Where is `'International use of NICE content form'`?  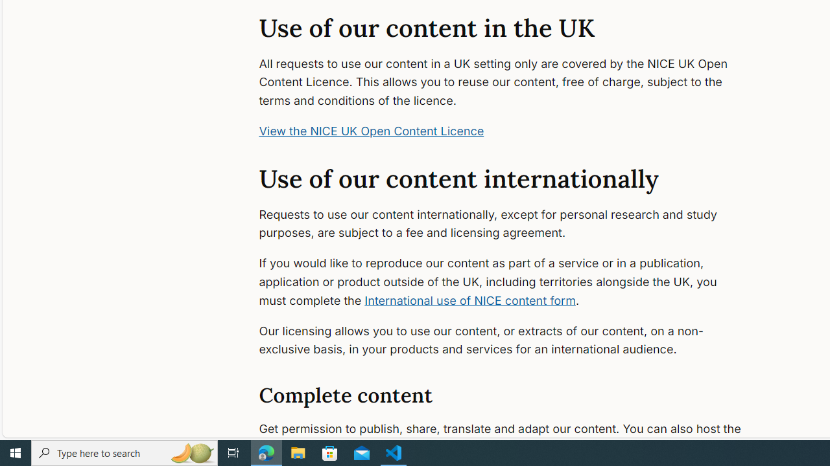 'International use of NICE content form' is located at coordinates (469, 300).